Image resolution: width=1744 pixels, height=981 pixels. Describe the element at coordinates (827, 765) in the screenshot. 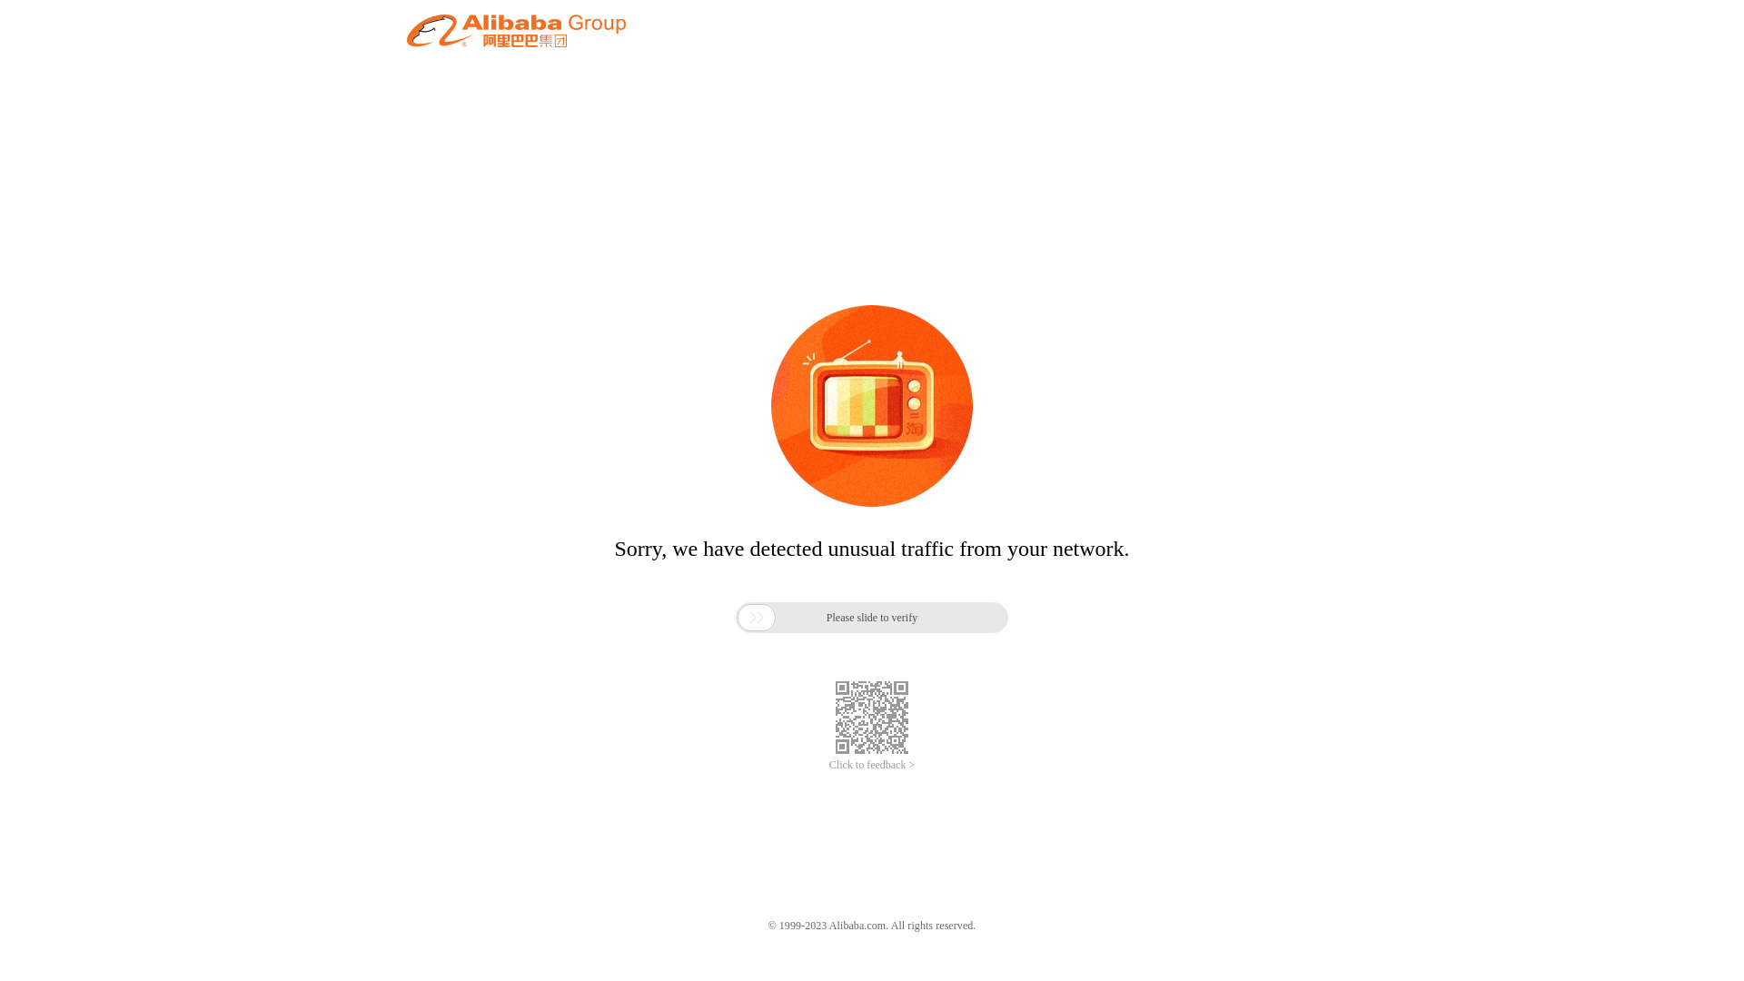

I see `'Click to feedback >'` at that location.